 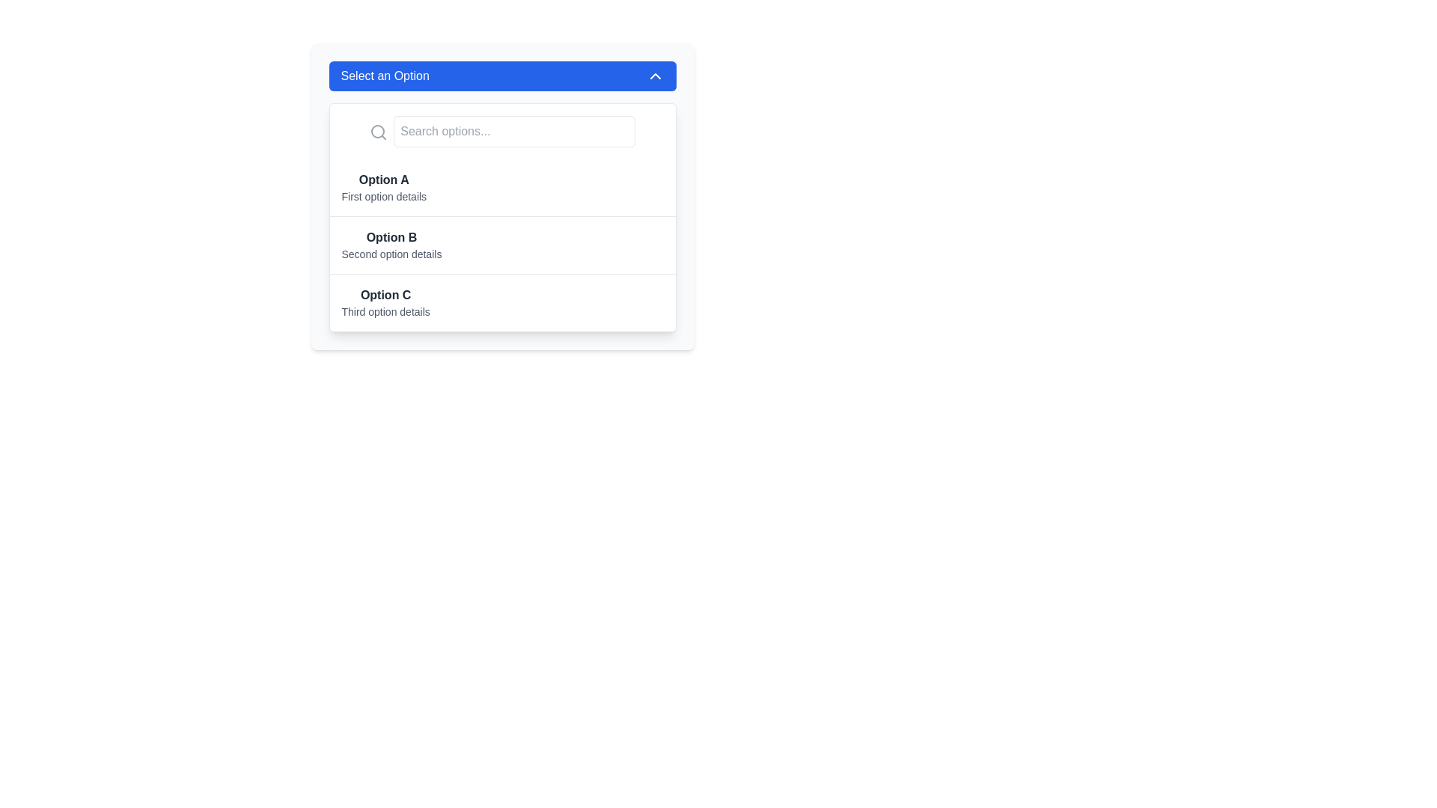 I want to click on the second selectable list item displaying 'Option B' and its details, so click(x=391, y=244).